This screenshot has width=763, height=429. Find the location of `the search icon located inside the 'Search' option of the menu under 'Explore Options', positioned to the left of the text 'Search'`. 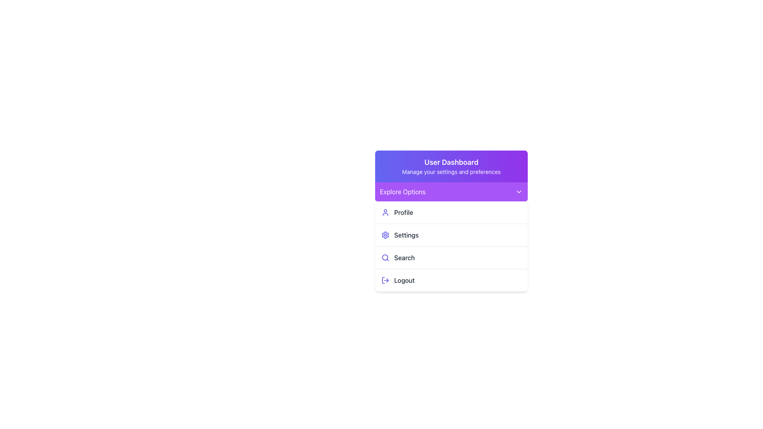

the search icon located inside the 'Search' option of the menu under 'Explore Options', positioned to the left of the text 'Search' is located at coordinates (385, 257).